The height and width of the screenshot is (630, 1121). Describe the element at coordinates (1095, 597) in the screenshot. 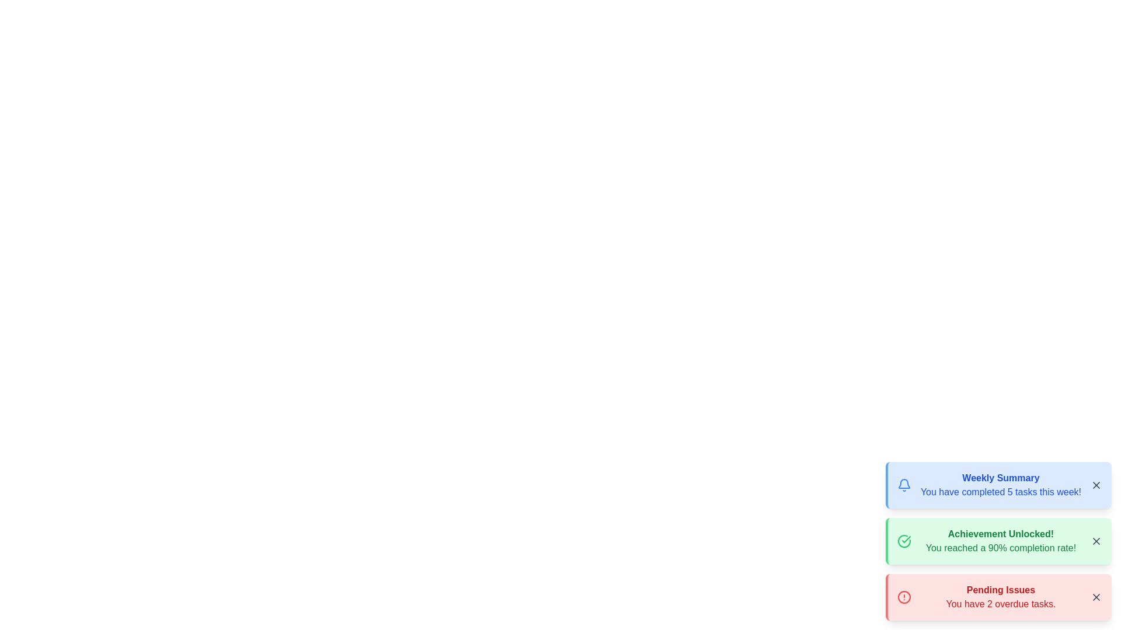

I see `dismiss button of the notification with the title Pending Issues` at that location.